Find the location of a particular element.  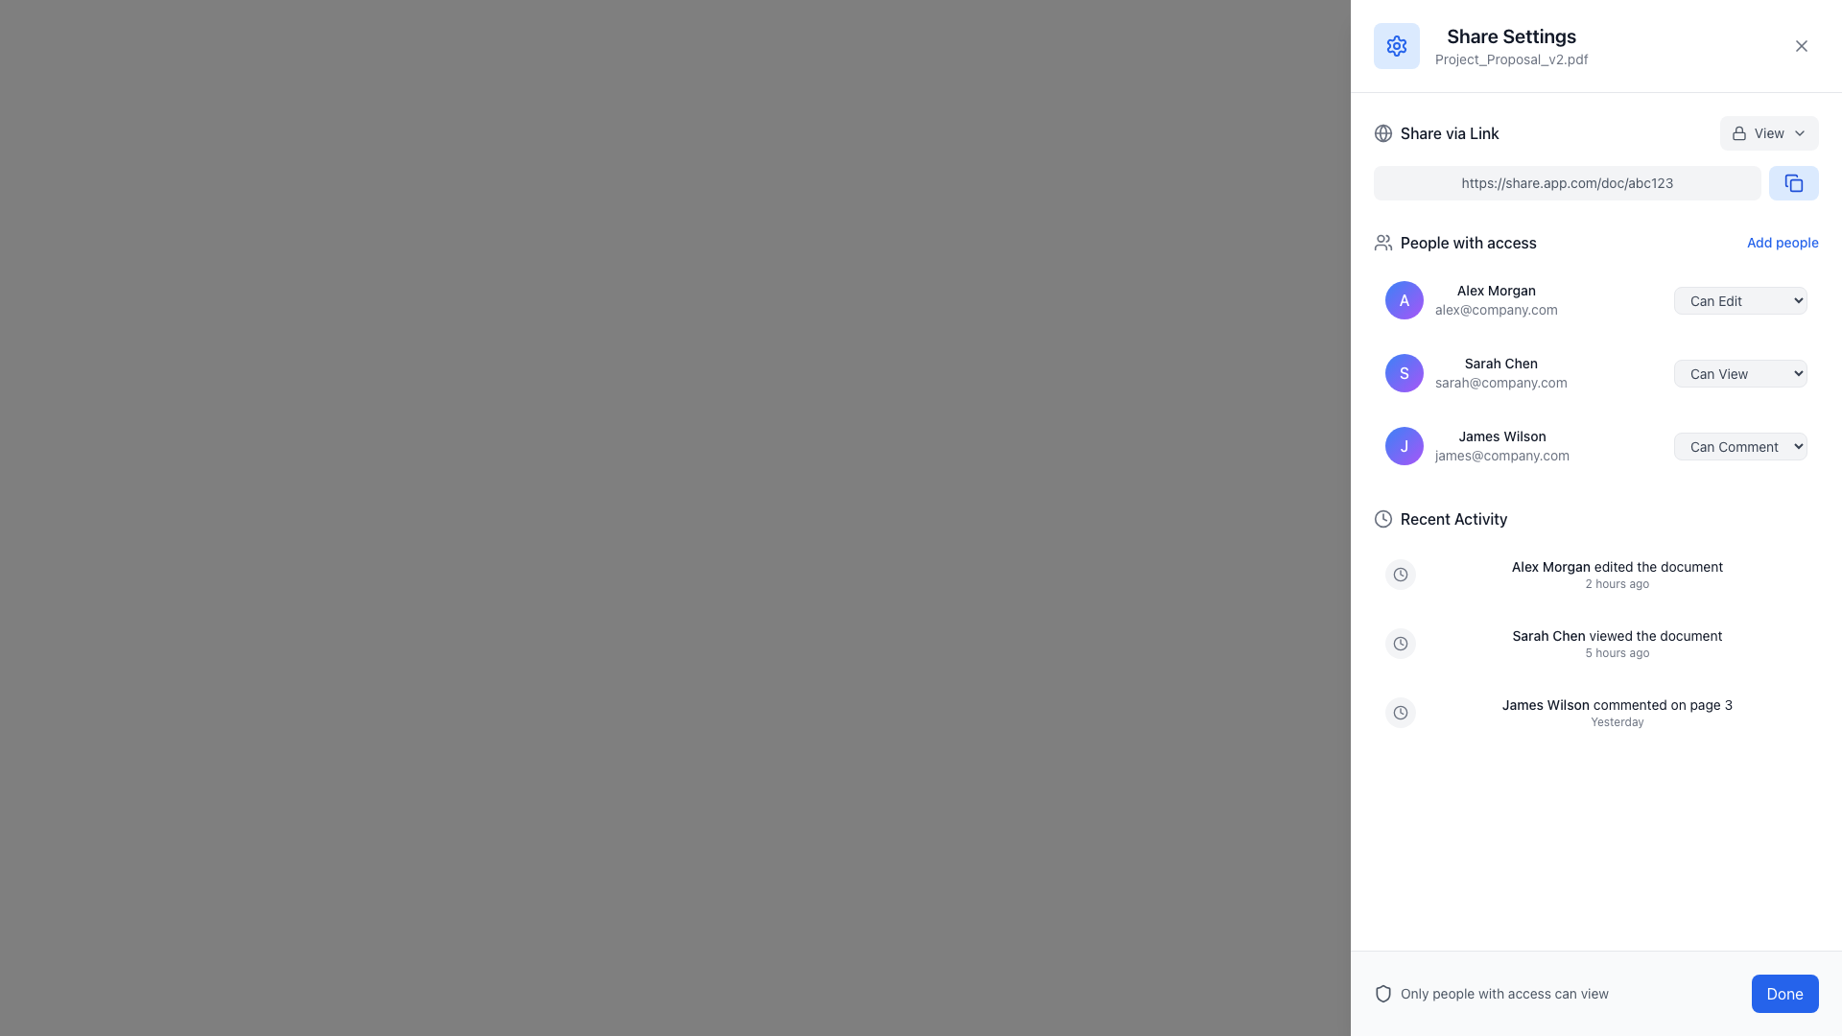

title and subtitle of the settings section for the document 'Project_Proposal_v2.pdf', identified by the heading with an associated icon located at the top-left of the panel is located at coordinates (1479, 44).